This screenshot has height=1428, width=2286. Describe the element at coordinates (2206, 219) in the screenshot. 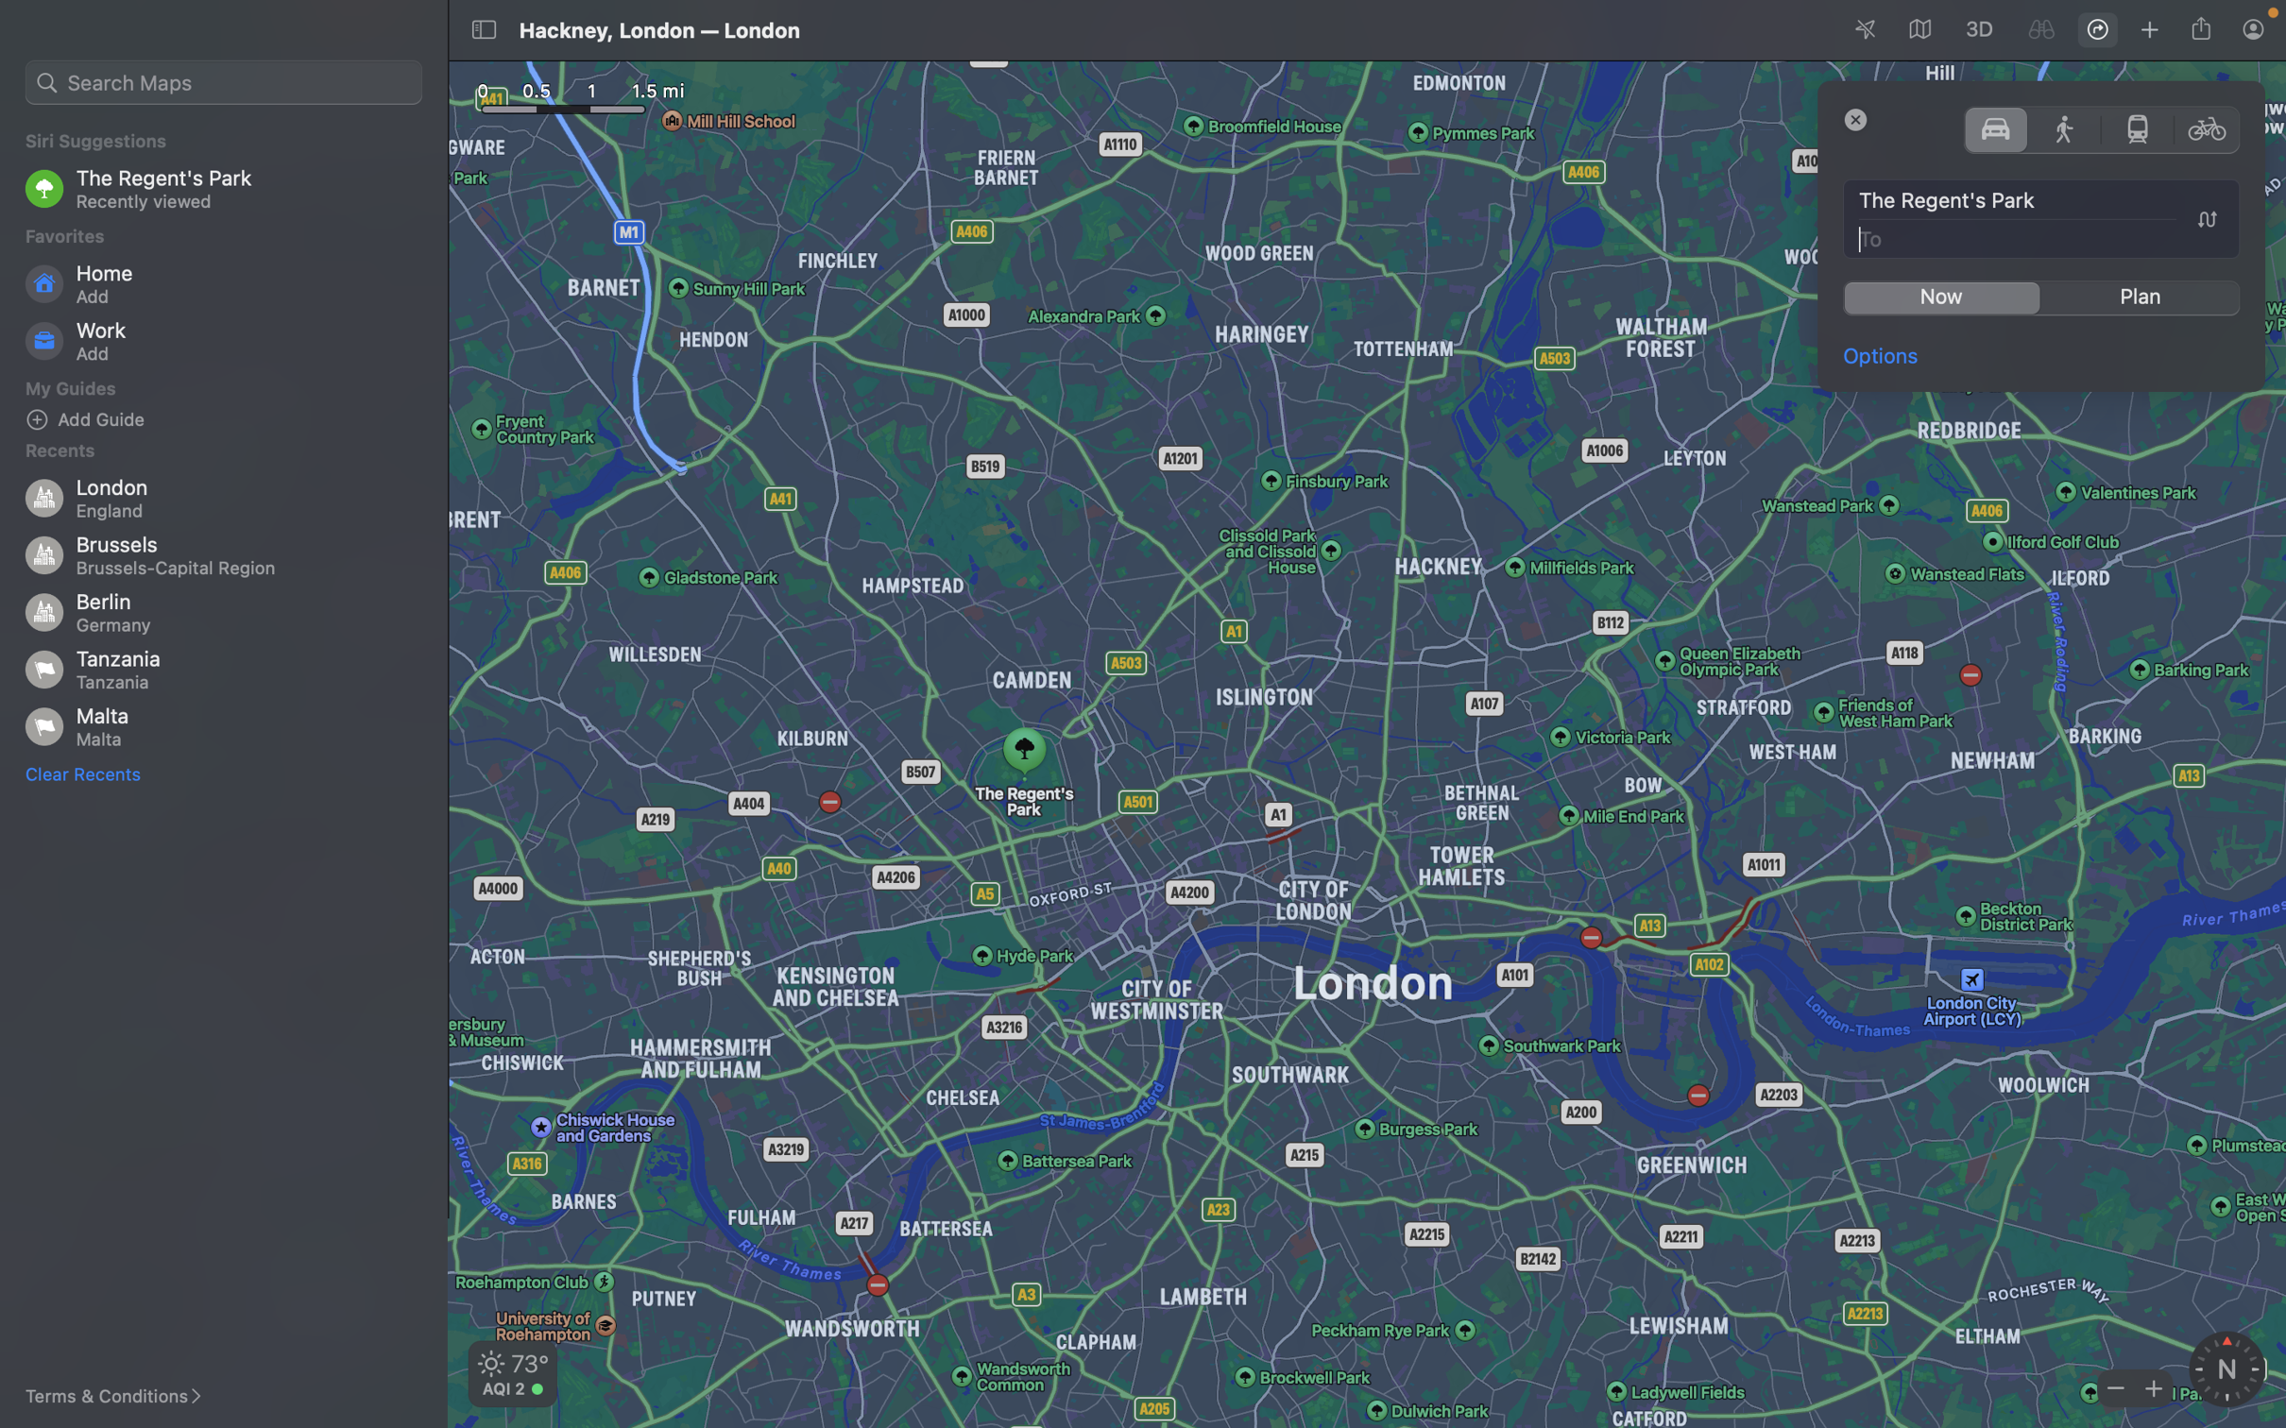

I see `Execute a click on the button labeled "swap dest and source" to alternate between source and destination points` at that location.